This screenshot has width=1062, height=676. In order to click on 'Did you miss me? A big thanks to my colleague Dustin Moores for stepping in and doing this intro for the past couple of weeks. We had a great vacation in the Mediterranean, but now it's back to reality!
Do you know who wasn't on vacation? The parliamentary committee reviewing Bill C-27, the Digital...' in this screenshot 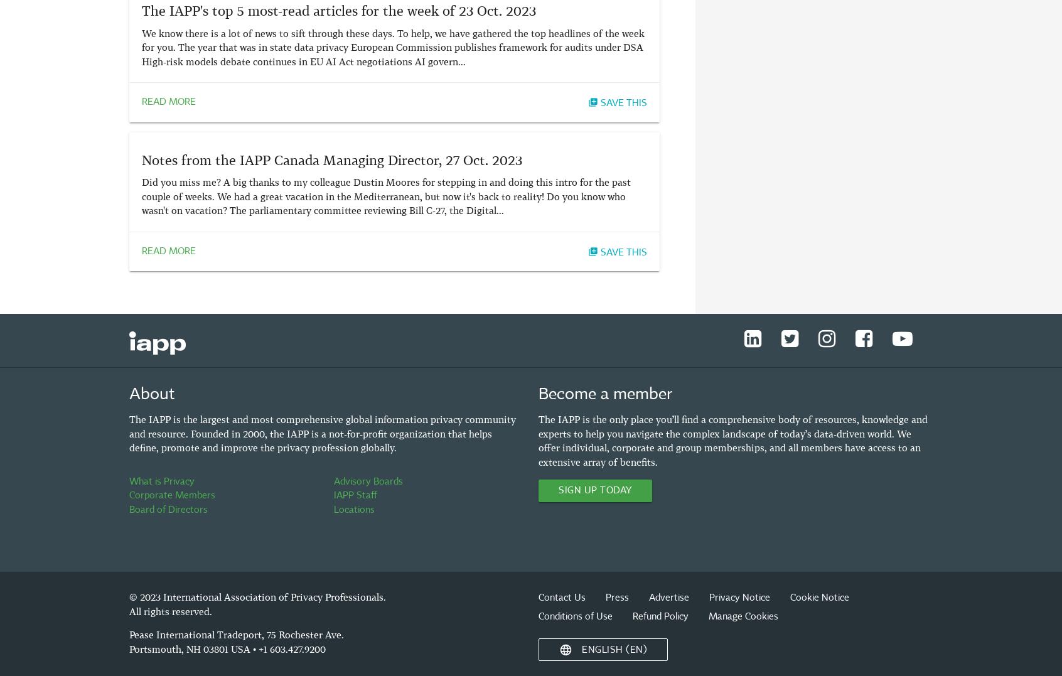, I will do `click(385, 197)`.